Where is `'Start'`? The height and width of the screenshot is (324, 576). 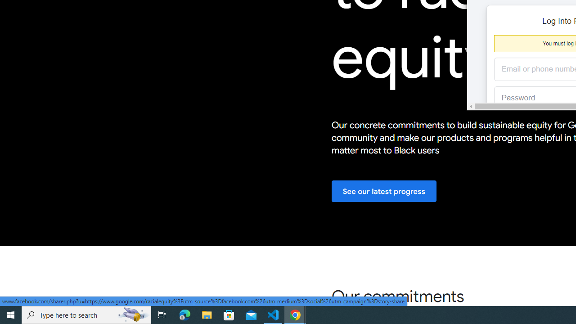
'Start' is located at coordinates (11, 314).